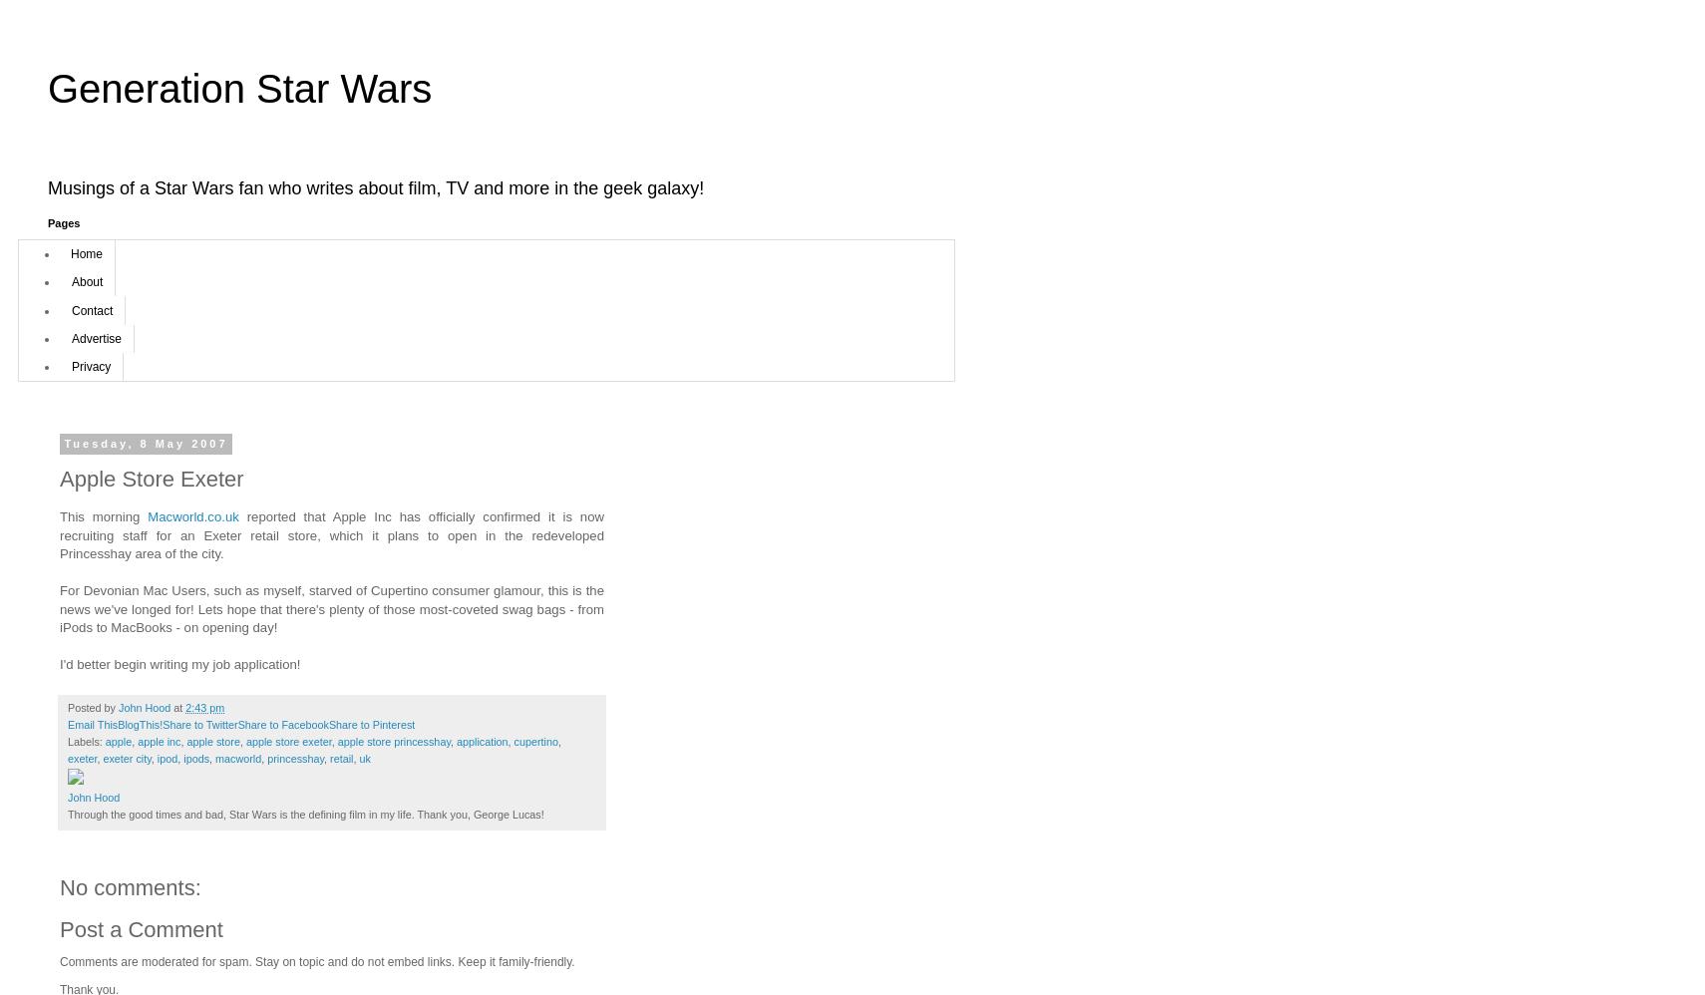 The height and width of the screenshot is (995, 1705). Describe the element at coordinates (392, 742) in the screenshot. I see `'apple store princesshay'` at that location.